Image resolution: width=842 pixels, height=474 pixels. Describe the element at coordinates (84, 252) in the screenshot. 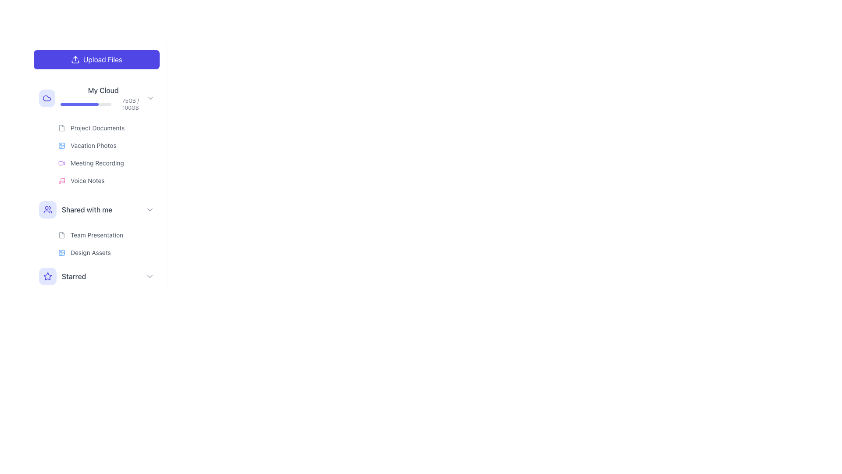

I see `the 'Design Assets' text label located in the sidebar under 'Shared with me'` at that location.